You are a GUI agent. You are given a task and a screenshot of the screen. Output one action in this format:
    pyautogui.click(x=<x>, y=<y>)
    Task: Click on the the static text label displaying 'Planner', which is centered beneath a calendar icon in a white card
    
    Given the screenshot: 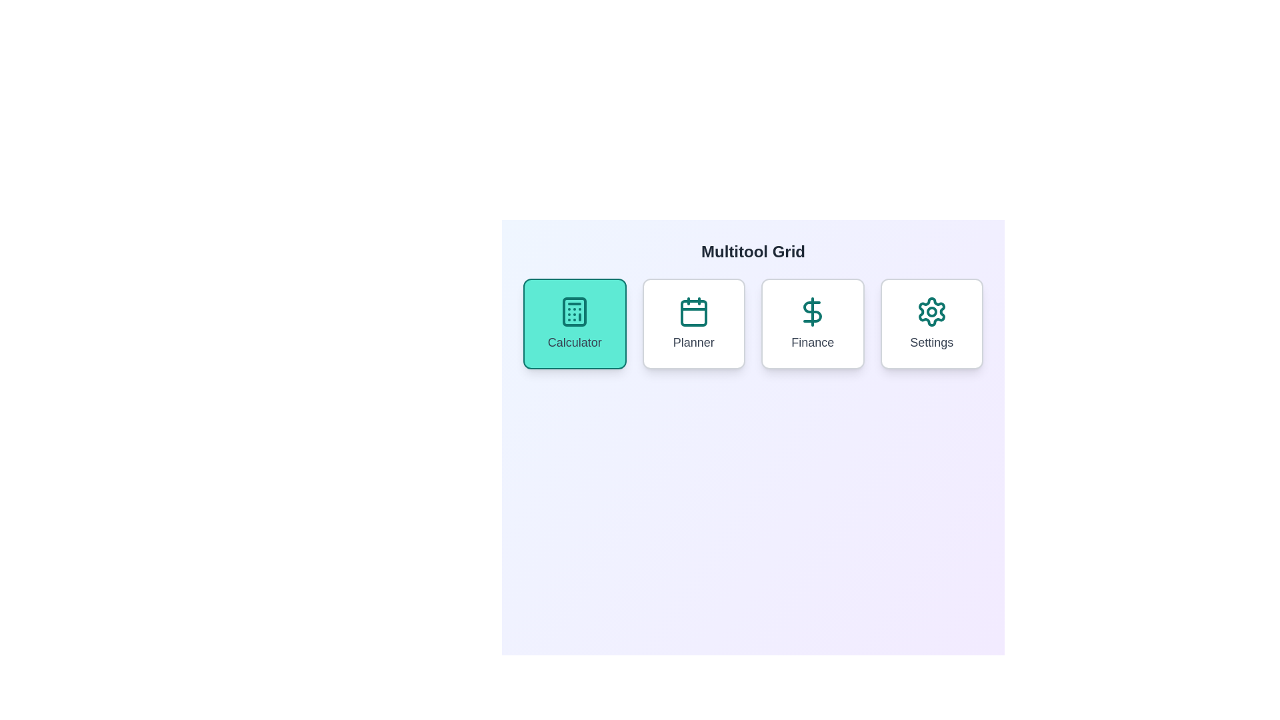 What is the action you would take?
    pyautogui.click(x=693, y=341)
    